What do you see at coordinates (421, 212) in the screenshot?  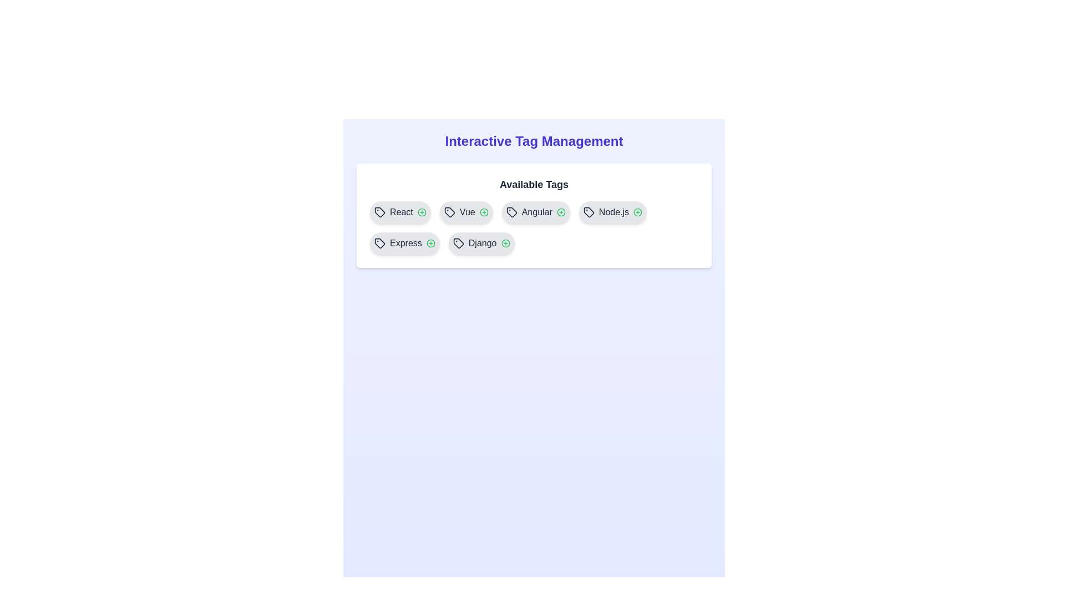 I see `the circular icon with a green border and plus symbol located within the 'React' button in the 'Available Tags' section` at bounding box center [421, 212].